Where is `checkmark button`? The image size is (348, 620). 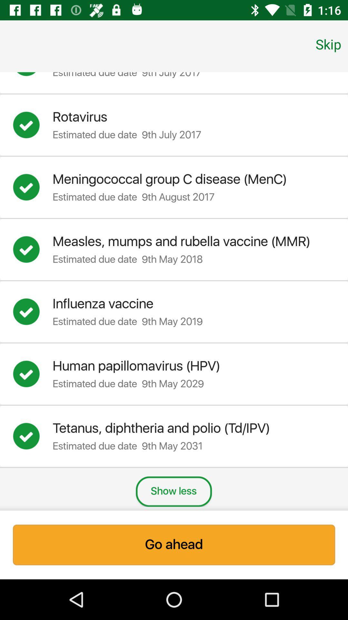
checkmark button is located at coordinates (33, 249).